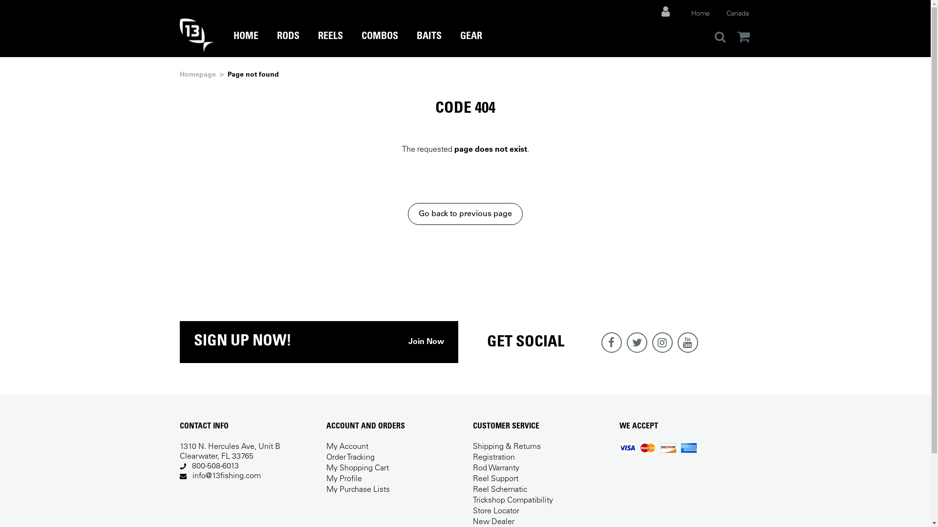  What do you see at coordinates (347, 446) in the screenshot?
I see `'My Account'` at bounding box center [347, 446].